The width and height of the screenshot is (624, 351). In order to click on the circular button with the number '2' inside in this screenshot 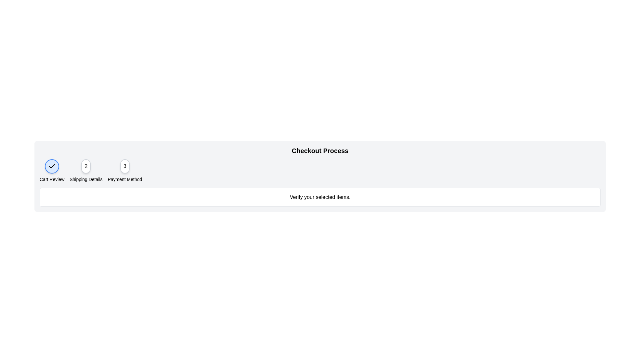, I will do `click(85, 170)`.